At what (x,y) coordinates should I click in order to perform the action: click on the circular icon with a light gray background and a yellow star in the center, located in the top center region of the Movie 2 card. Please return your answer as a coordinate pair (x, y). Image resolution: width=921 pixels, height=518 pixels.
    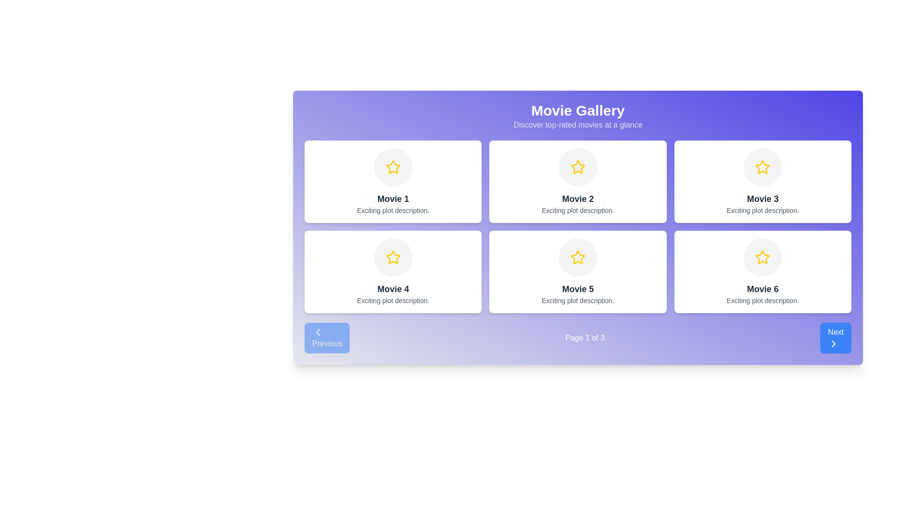
    Looking at the image, I should click on (577, 166).